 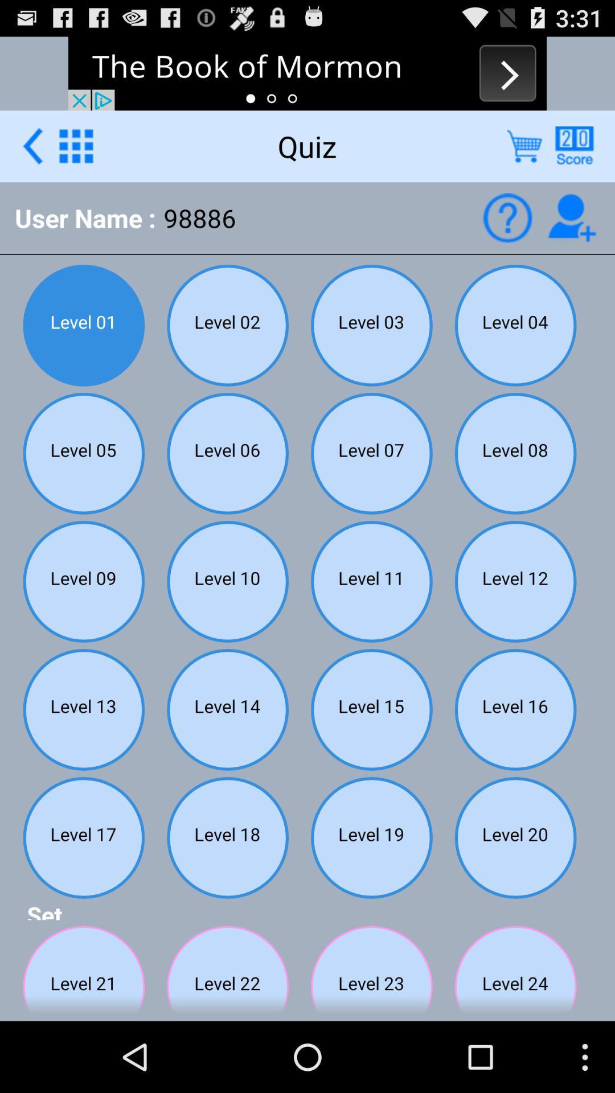 I want to click on a person, so click(x=572, y=217).